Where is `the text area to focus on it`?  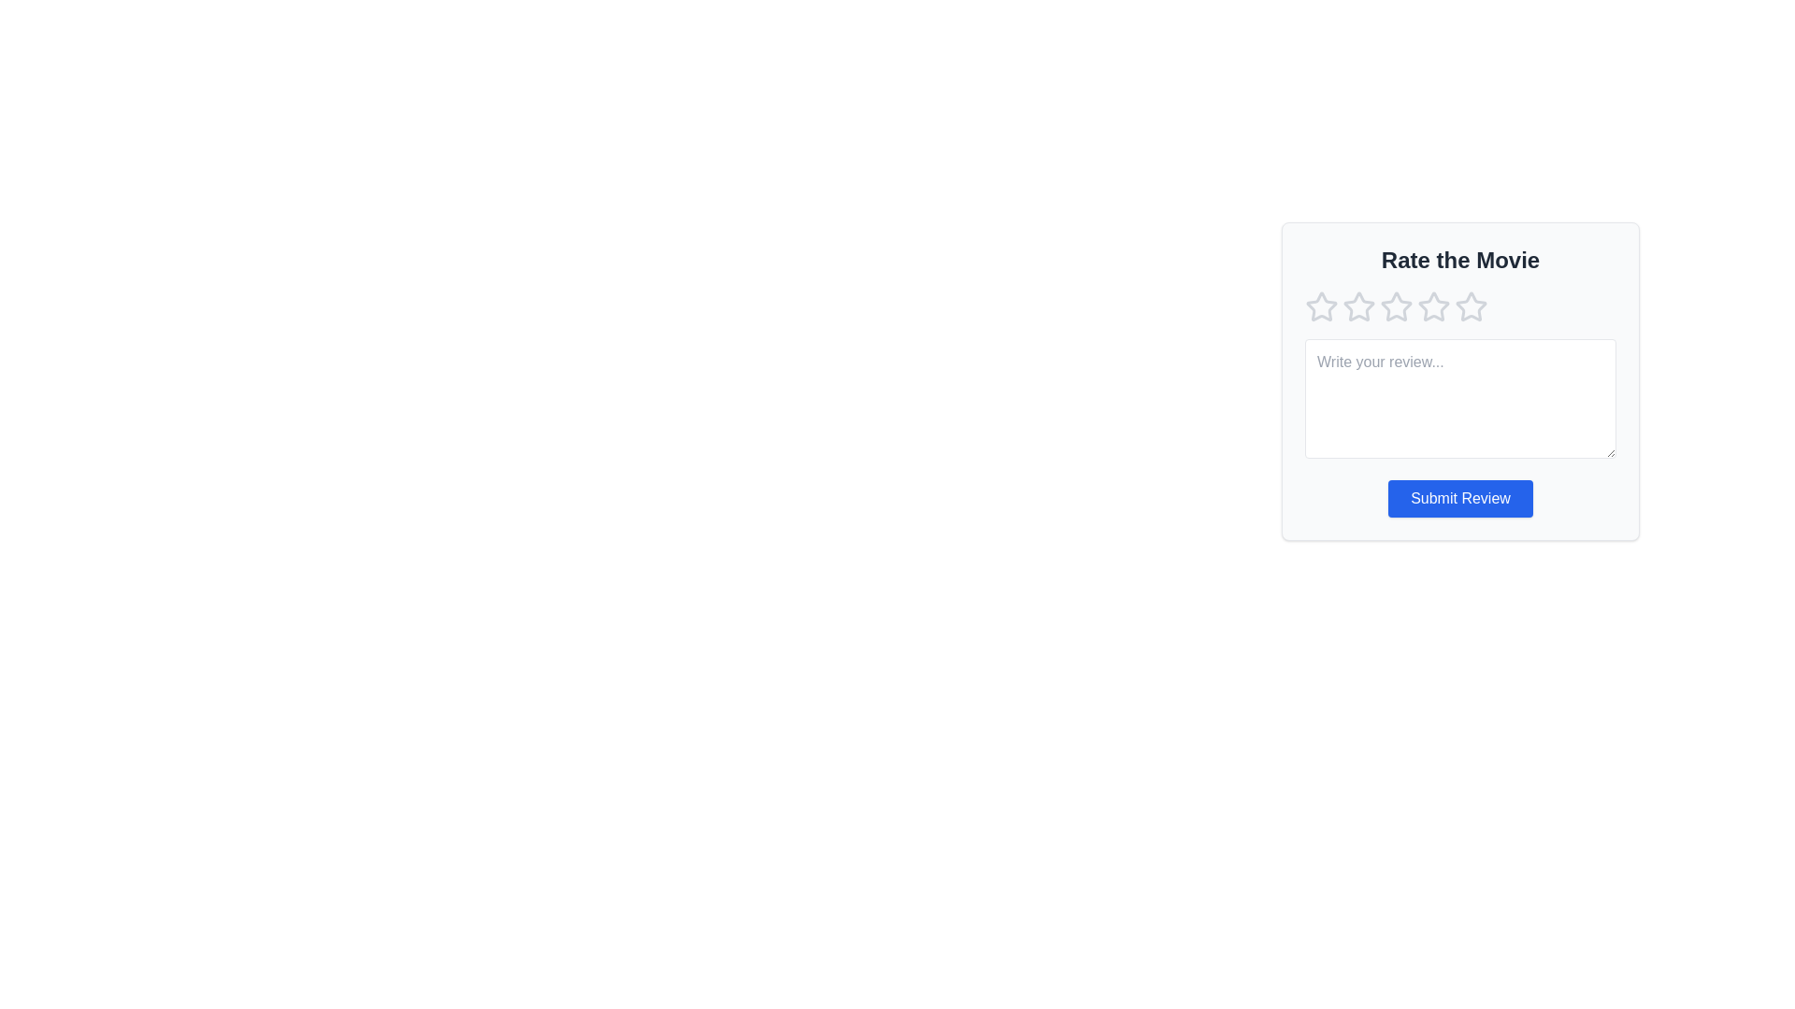 the text area to focus on it is located at coordinates (1459, 398).